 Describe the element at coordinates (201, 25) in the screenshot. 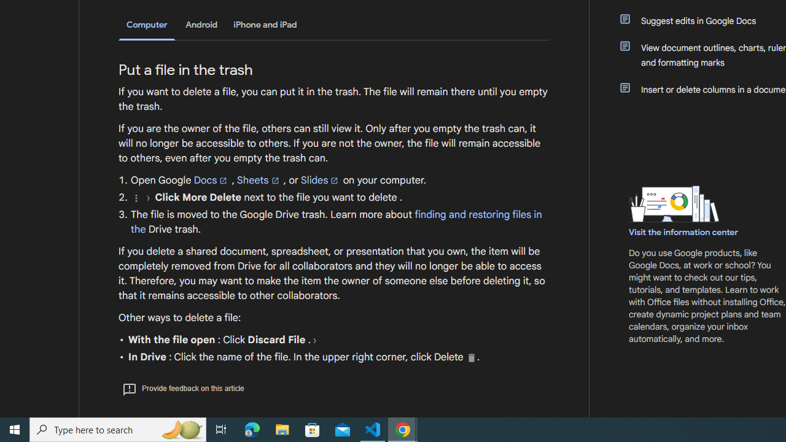

I see `'Android'` at that location.